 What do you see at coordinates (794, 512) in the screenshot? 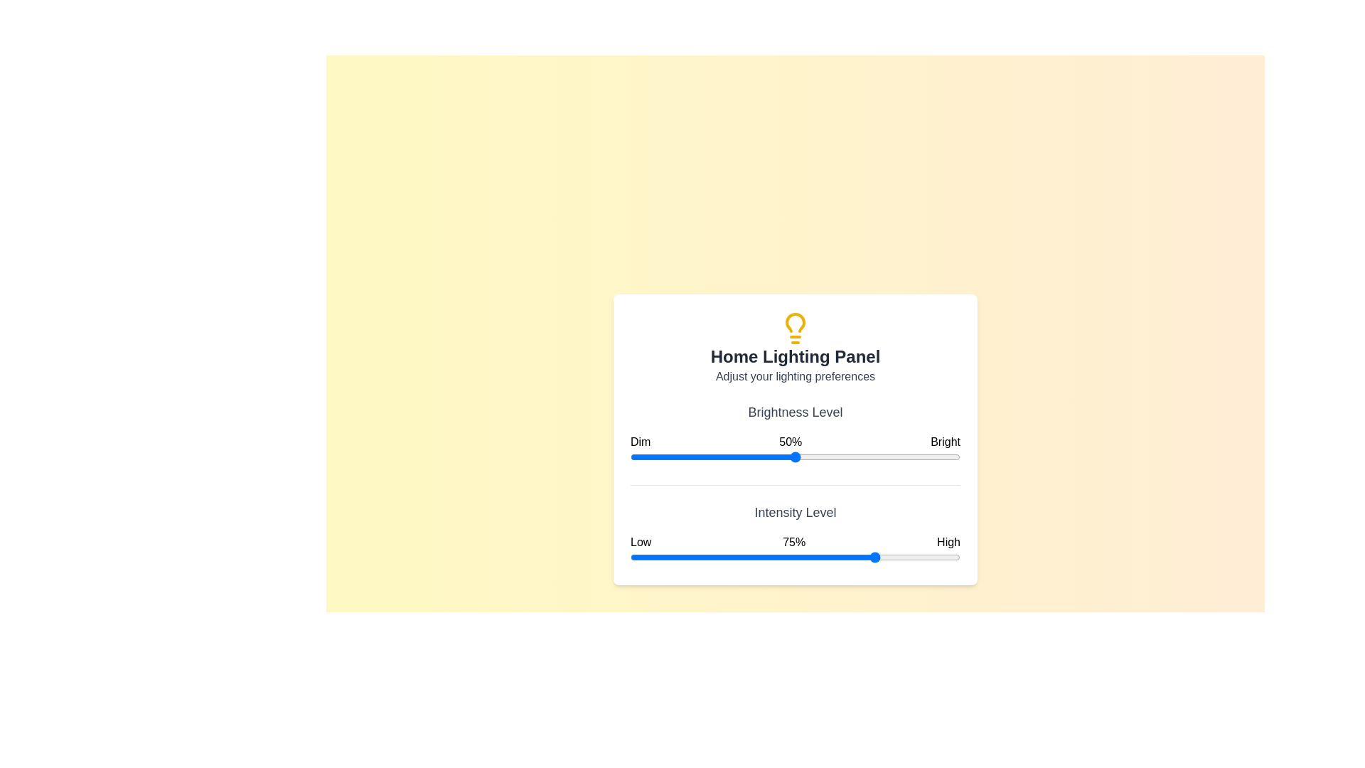
I see `the text label that serves as the title for the intensity adjustment section, located just below the horizontal rule separating it from the 'Brightness Level' section` at bounding box center [794, 512].